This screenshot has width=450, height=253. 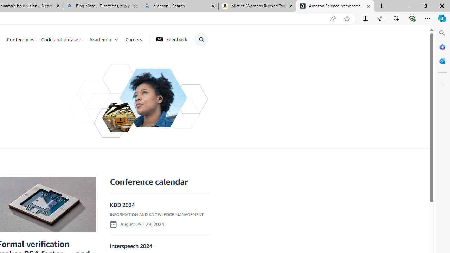 I want to click on 'Class: icon-magnify', so click(x=201, y=39).